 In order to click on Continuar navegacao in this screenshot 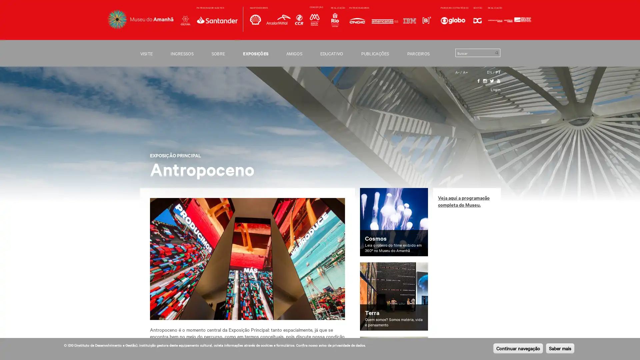, I will do `click(518, 348)`.